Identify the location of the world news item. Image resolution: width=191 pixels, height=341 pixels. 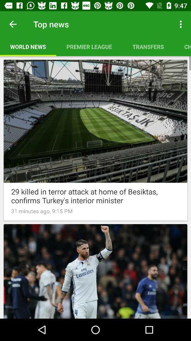
(28, 46).